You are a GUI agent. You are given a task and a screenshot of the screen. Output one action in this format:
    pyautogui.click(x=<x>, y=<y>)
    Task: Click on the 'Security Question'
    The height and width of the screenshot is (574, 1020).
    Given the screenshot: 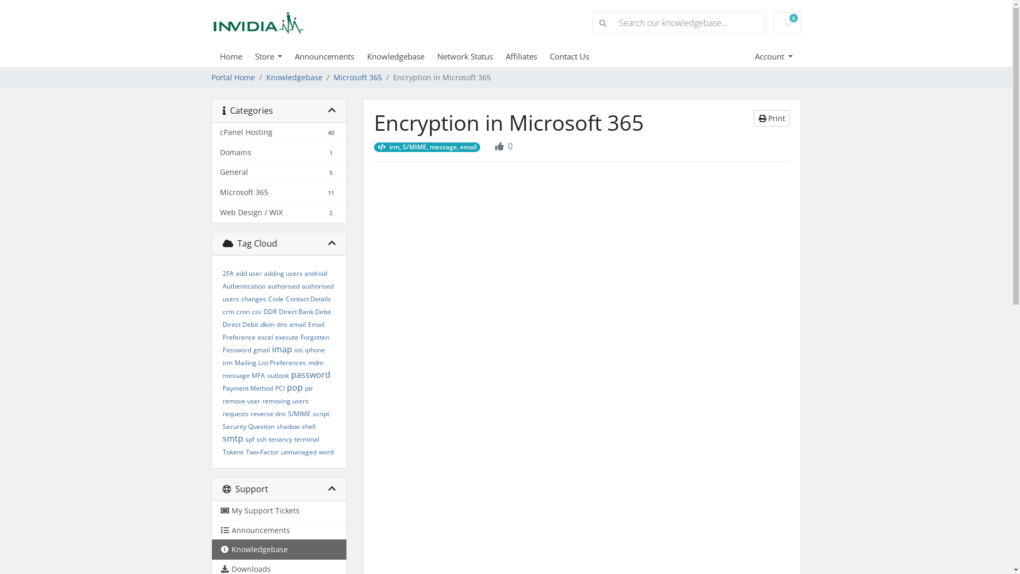 What is the action you would take?
    pyautogui.click(x=247, y=426)
    